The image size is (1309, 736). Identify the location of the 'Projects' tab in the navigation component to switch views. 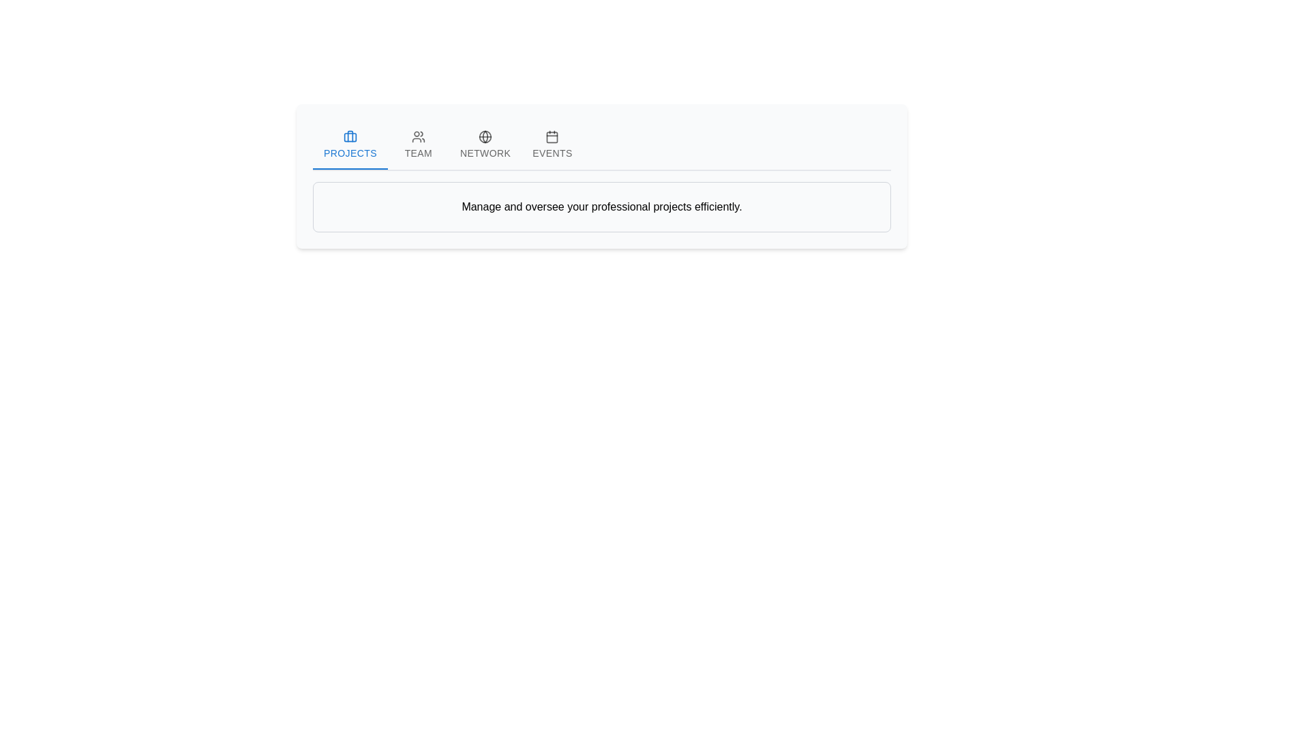
(601, 175).